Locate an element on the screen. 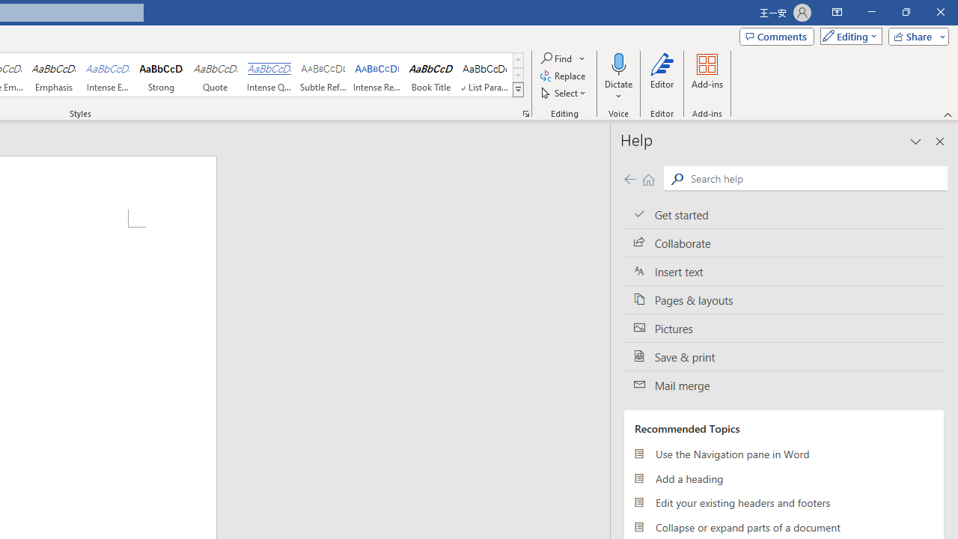 The width and height of the screenshot is (958, 539). 'Comments' is located at coordinates (777, 35).